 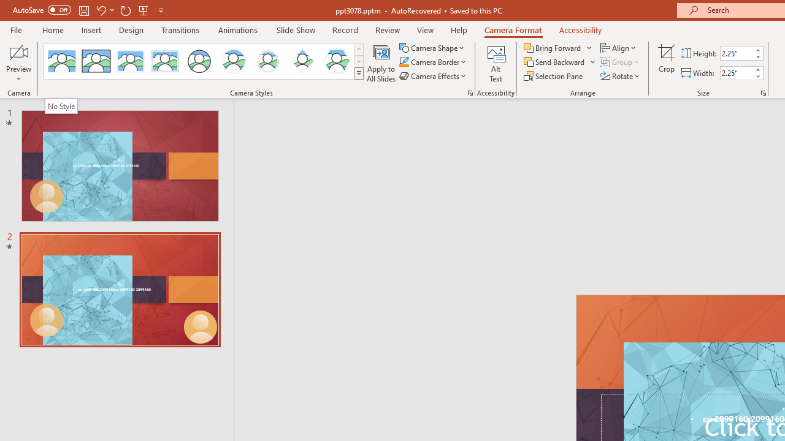 What do you see at coordinates (42, 10) in the screenshot?
I see `'AutoSave'` at bounding box center [42, 10].